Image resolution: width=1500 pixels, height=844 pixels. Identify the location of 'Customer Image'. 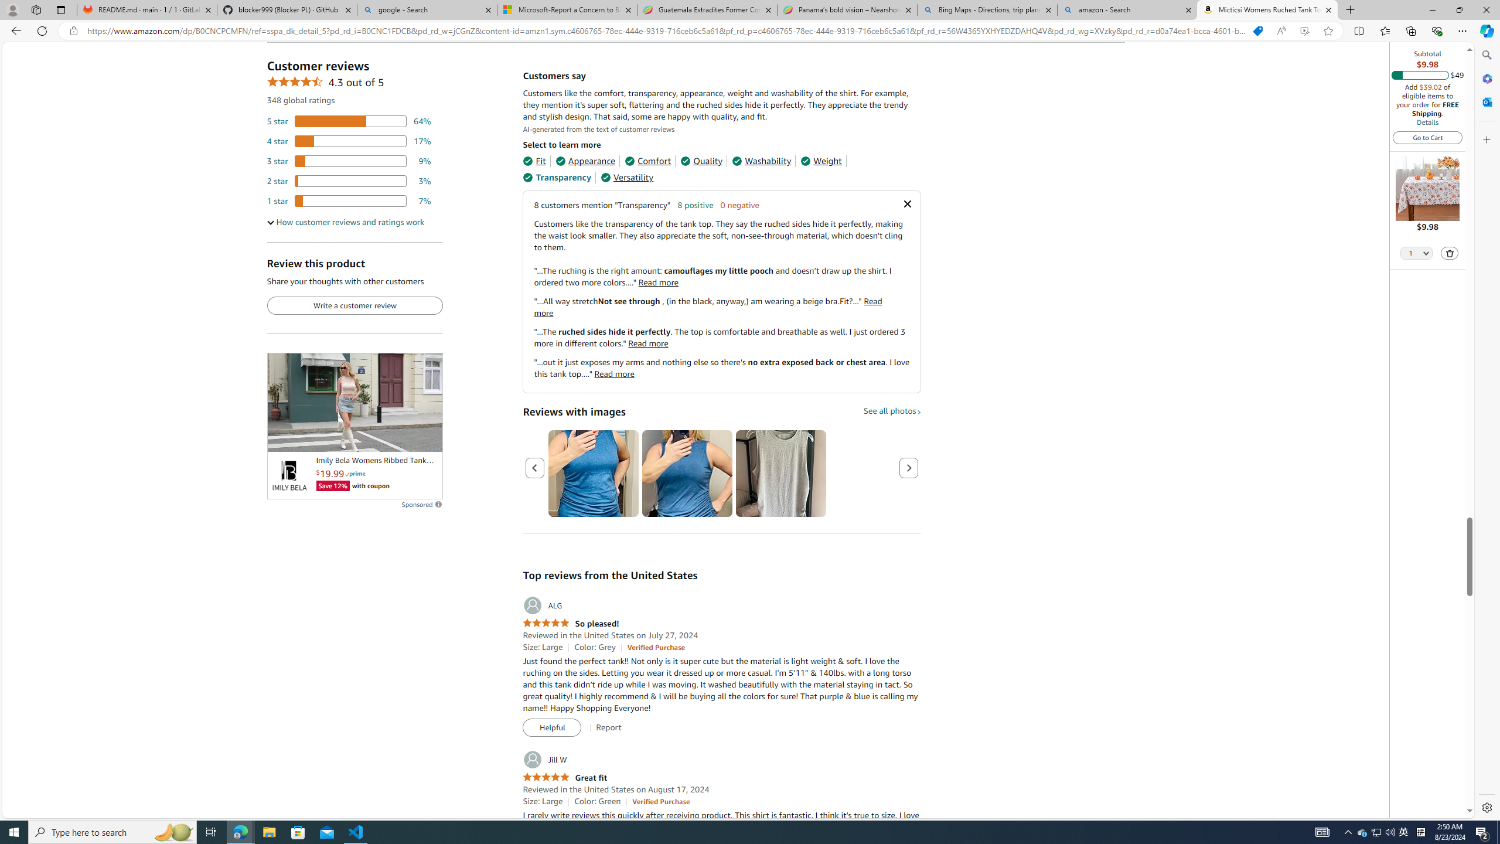
(780, 474).